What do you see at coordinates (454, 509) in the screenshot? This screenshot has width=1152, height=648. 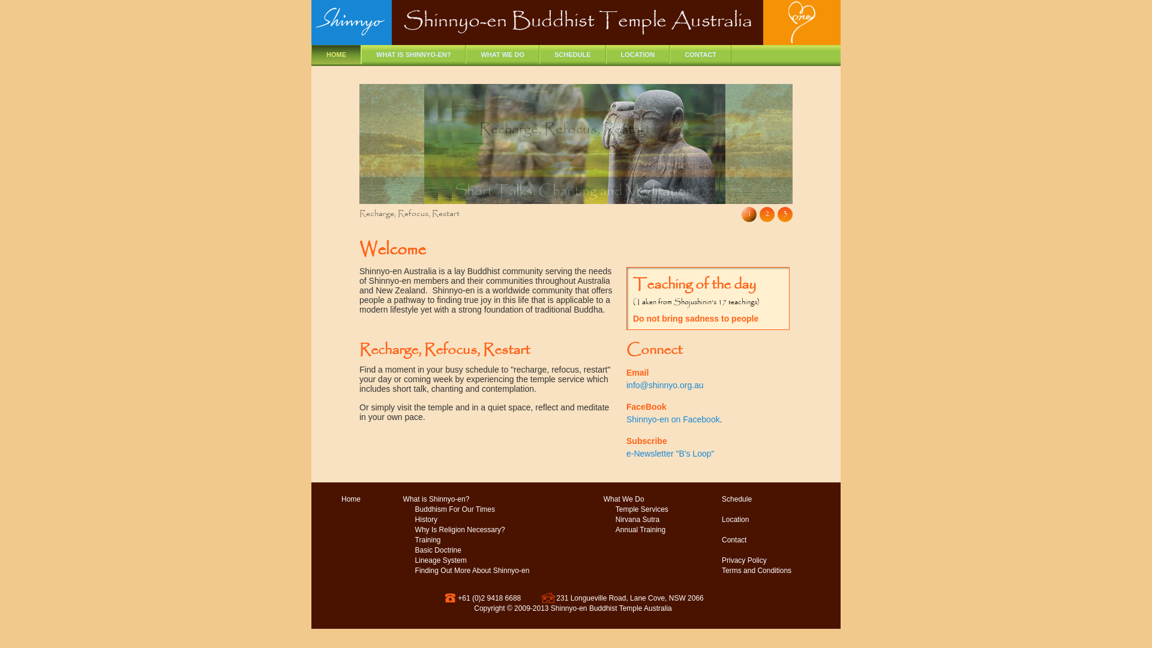 I see `'Buddhism For Our Times'` at bounding box center [454, 509].